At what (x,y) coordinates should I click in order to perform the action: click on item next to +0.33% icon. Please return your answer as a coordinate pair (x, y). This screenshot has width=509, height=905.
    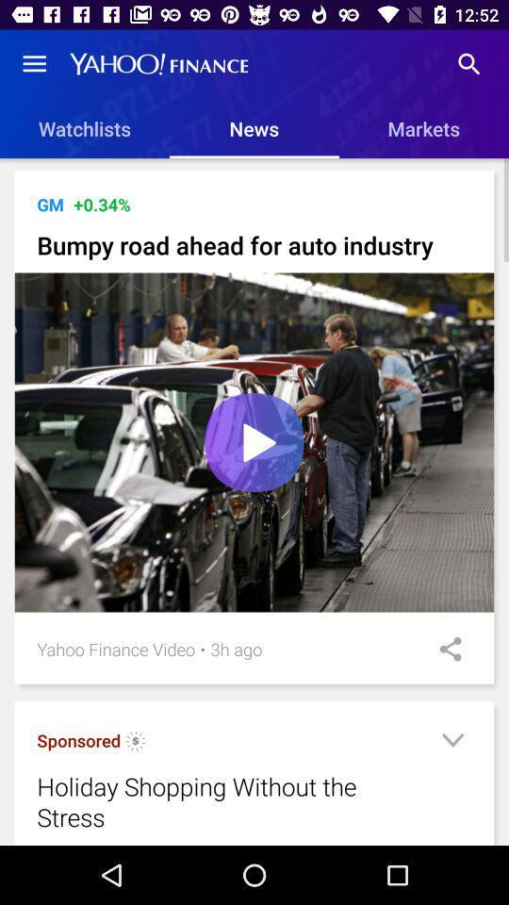
    Looking at the image, I should click on (50, 205).